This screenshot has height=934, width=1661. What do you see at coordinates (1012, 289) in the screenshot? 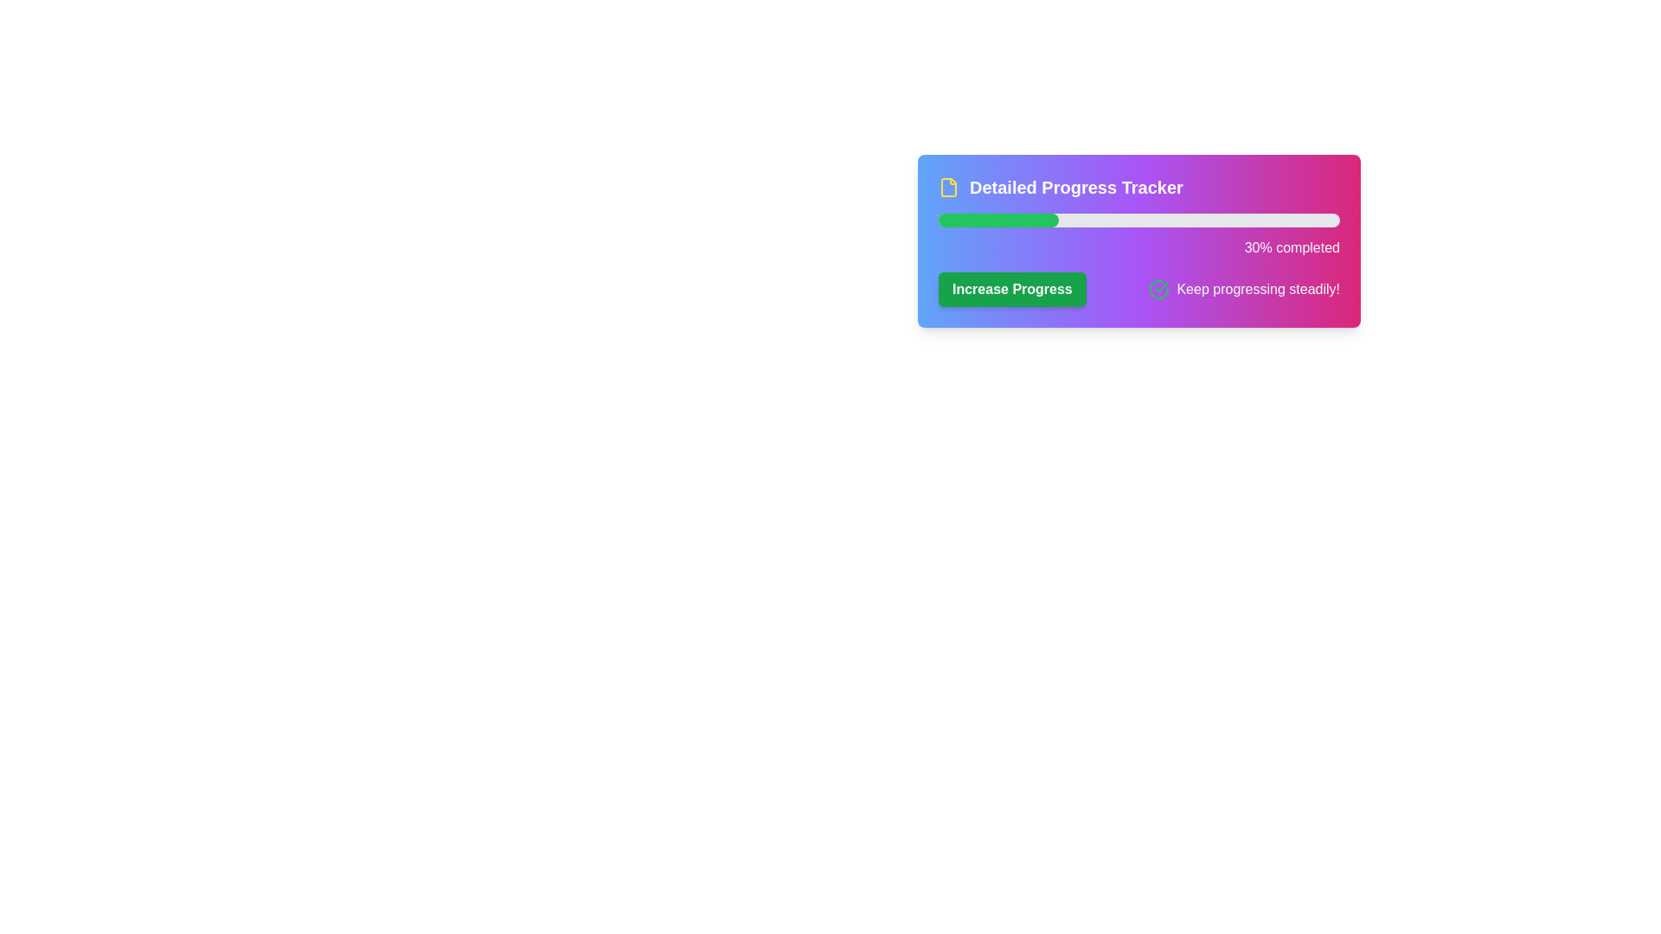
I see `the rectangular button with a green background labeled 'Increase Progress'` at bounding box center [1012, 289].